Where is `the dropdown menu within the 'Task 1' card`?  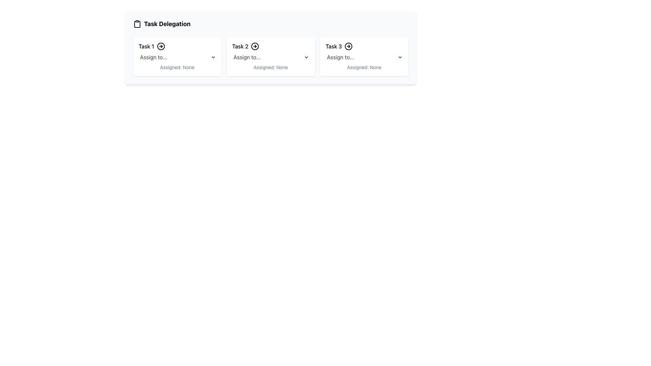 the dropdown menu within the 'Task 1' card is located at coordinates (177, 57).